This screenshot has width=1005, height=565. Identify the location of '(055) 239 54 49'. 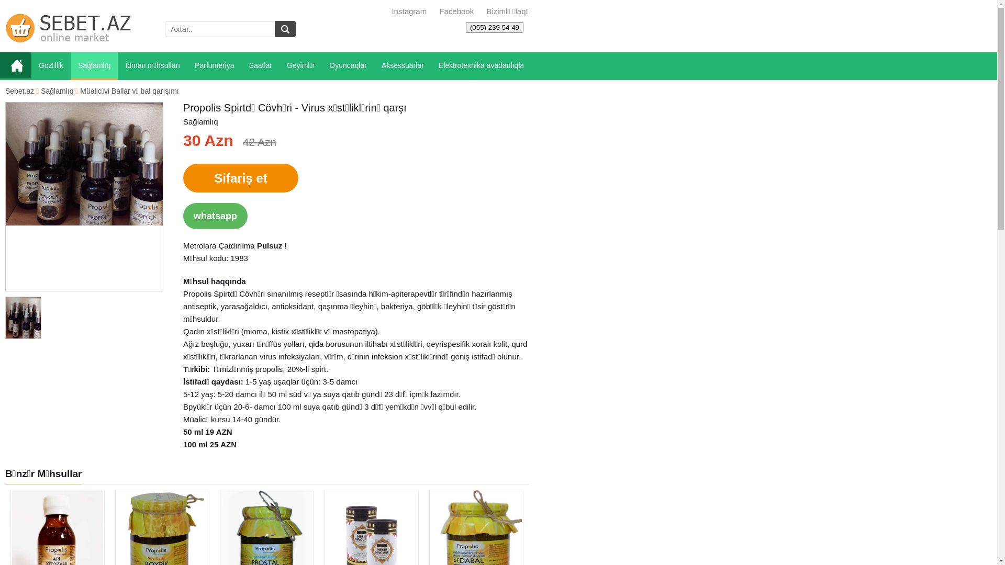
(494, 27).